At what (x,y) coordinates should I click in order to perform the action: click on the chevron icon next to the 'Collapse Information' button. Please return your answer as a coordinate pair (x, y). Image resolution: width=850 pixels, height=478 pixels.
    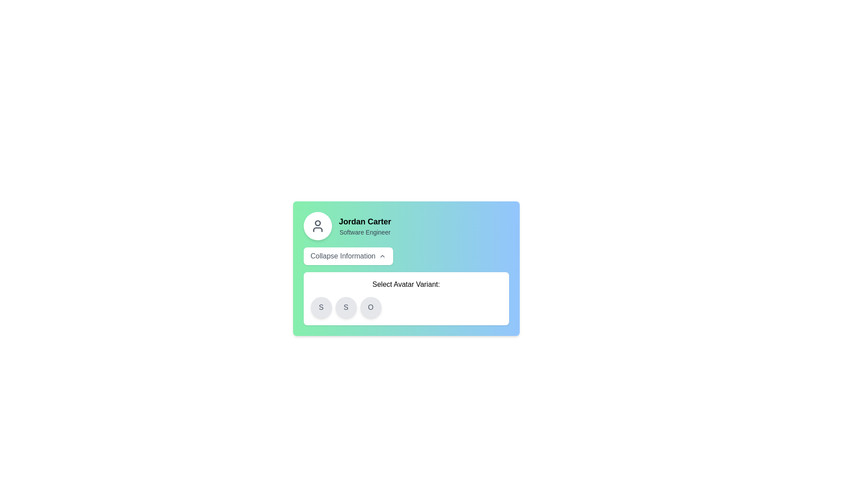
    Looking at the image, I should click on (382, 256).